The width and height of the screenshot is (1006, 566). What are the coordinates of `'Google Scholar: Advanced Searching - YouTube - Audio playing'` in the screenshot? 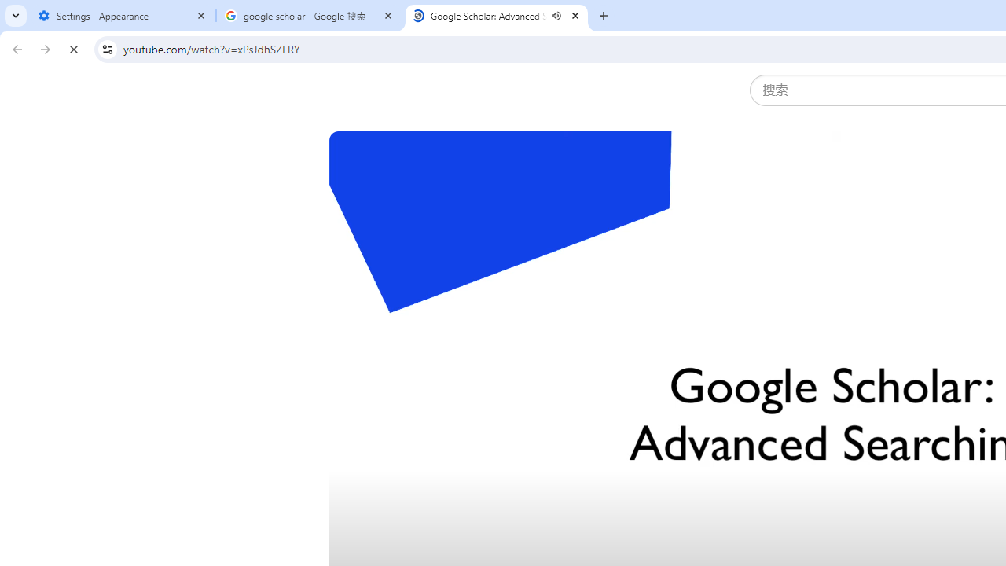 It's located at (496, 16).